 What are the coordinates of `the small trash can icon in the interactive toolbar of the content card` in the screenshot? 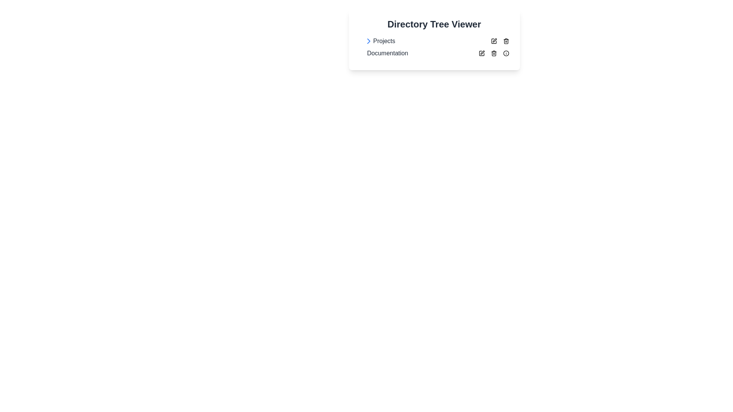 It's located at (506, 41).